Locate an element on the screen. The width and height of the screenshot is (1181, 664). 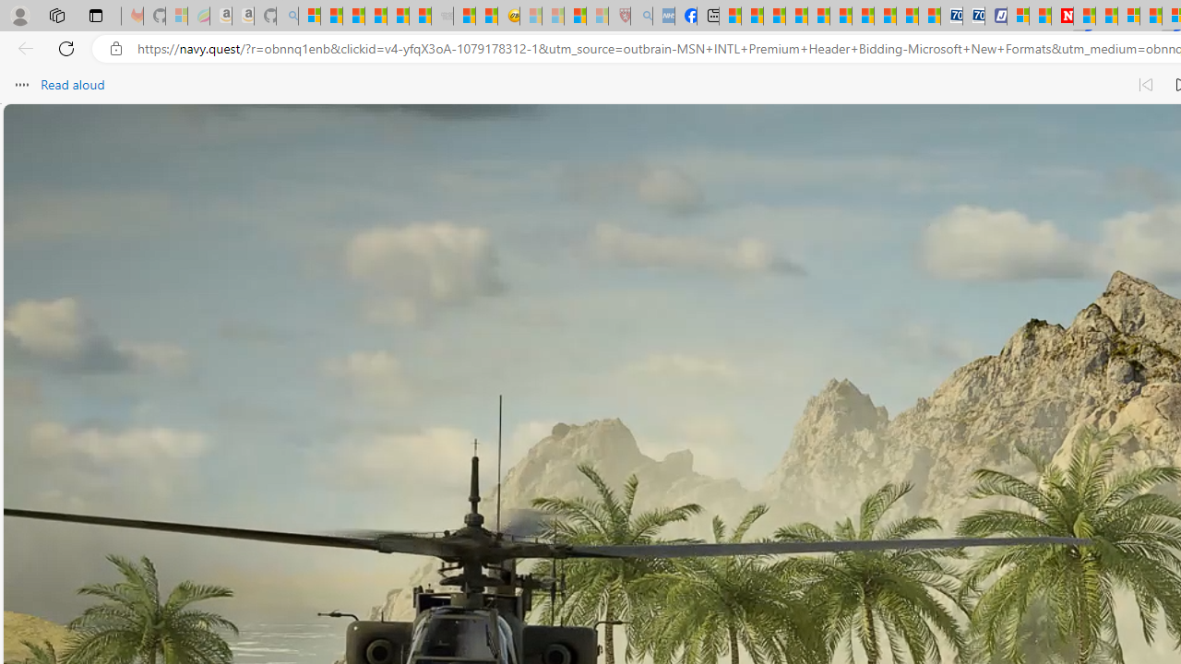
'Latest Politics News & Archive | Newsweek.com' is located at coordinates (1063, 16).